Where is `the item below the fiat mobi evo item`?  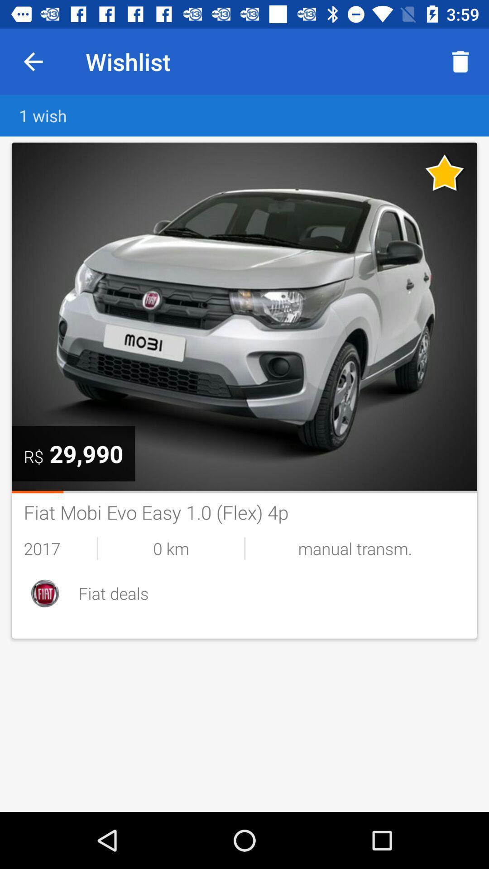
the item below the fiat mobi evo item is located at coordinates (60, 548).